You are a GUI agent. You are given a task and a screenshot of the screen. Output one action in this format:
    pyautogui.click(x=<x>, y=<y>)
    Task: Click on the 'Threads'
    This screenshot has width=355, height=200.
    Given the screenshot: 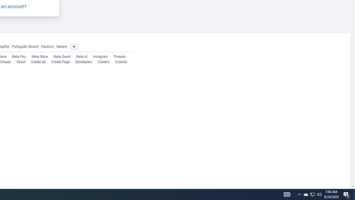 What is the action you would take?
    pyautogui.click(x=119, y=57)
    